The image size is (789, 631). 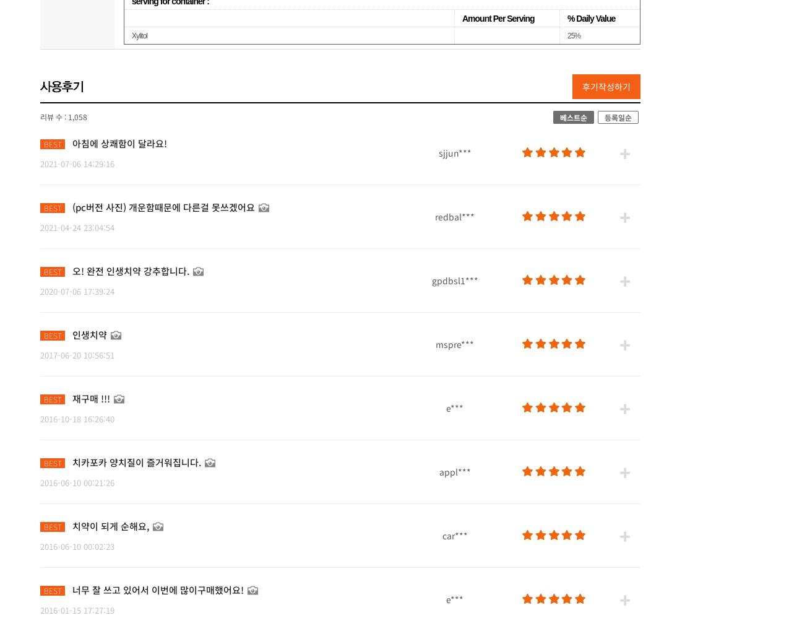 What do you see at coordinates (567, 35) in the screenshot?
I see `'25%'` at bounding box center [567, 35].